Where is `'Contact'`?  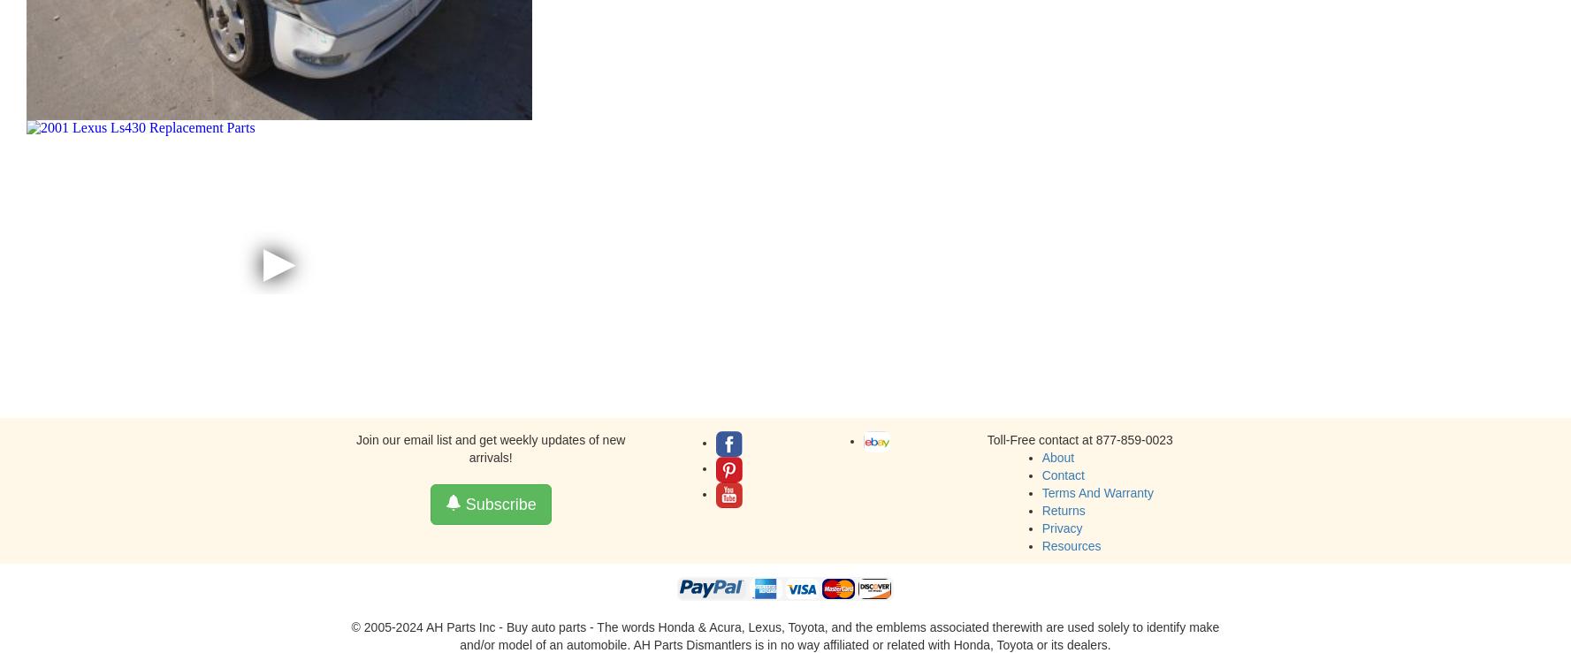
'Contact' is located at coordinates (1041, 475).